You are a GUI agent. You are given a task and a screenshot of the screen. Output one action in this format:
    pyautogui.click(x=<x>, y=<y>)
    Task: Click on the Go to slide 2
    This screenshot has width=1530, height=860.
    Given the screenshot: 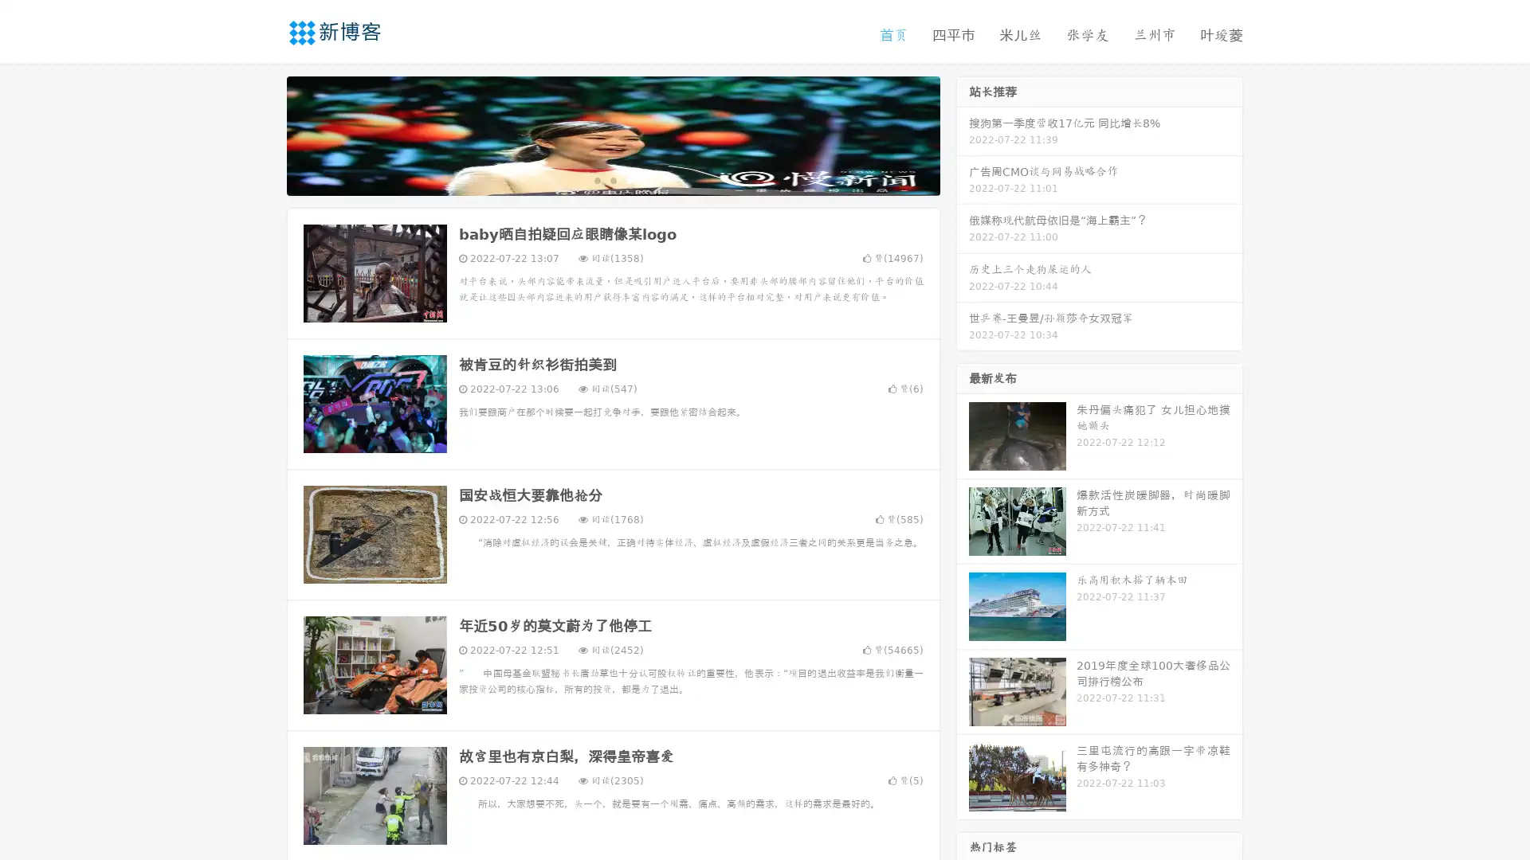 What is the action you would take?
    pyautogui.click(x=612, y=179)
    